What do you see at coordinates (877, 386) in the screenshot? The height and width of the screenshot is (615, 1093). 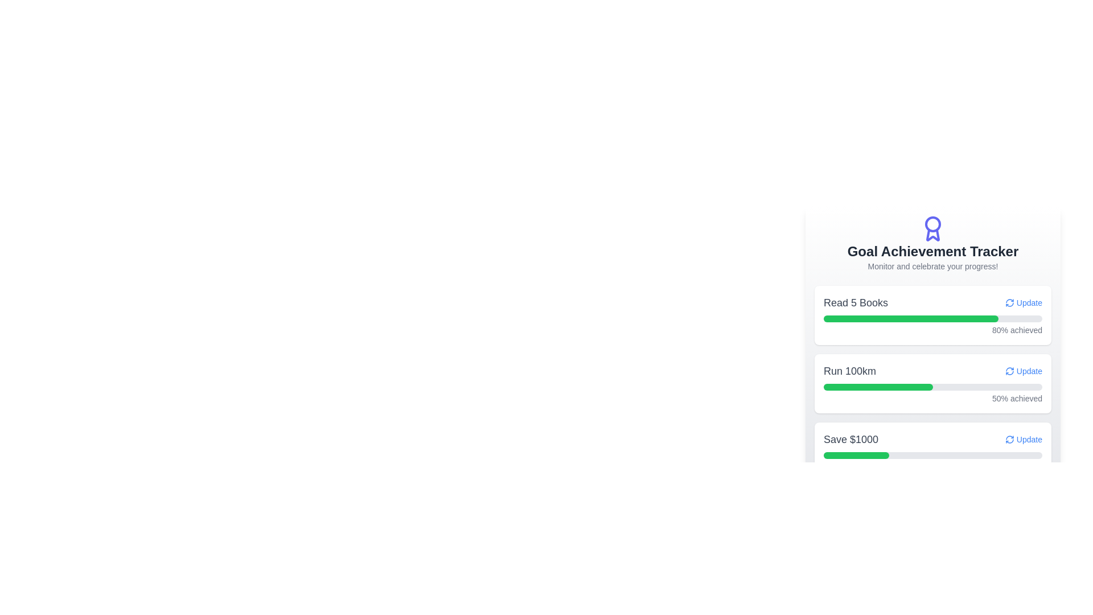 I see `green progress indicator within the 'Run 100km' card, which visually represents 50% completion of the goal` at bounding box center [877, 386].